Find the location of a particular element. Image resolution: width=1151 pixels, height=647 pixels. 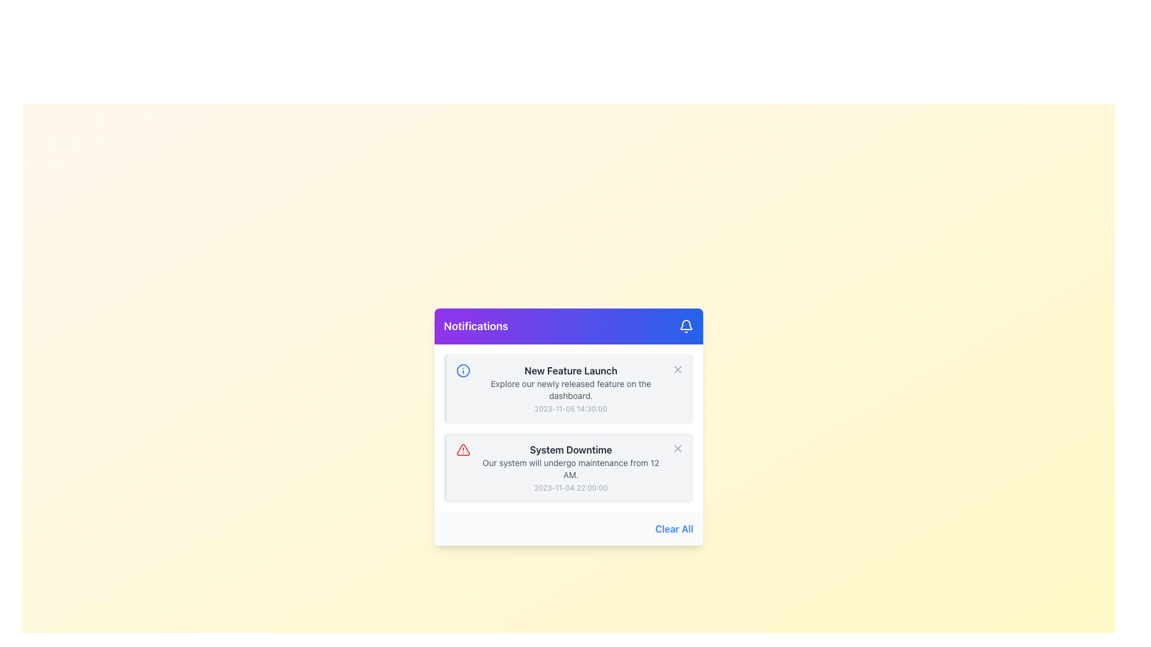

the red triangular warning icon located in the 'System Downtime' notification card is located at coordinates (462, 450).